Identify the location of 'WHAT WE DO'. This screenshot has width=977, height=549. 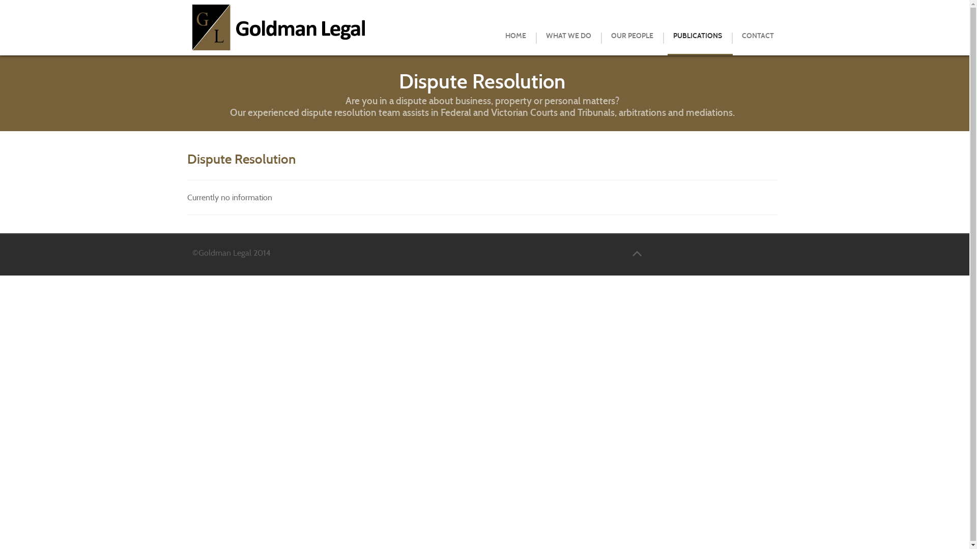
(537, 35).